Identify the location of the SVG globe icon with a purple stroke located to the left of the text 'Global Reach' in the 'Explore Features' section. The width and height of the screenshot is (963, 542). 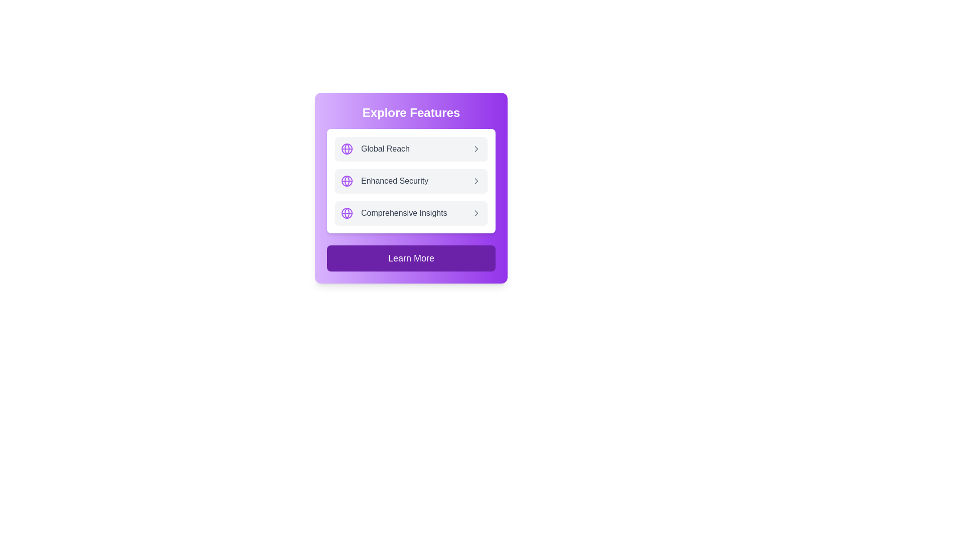
(347, 149).